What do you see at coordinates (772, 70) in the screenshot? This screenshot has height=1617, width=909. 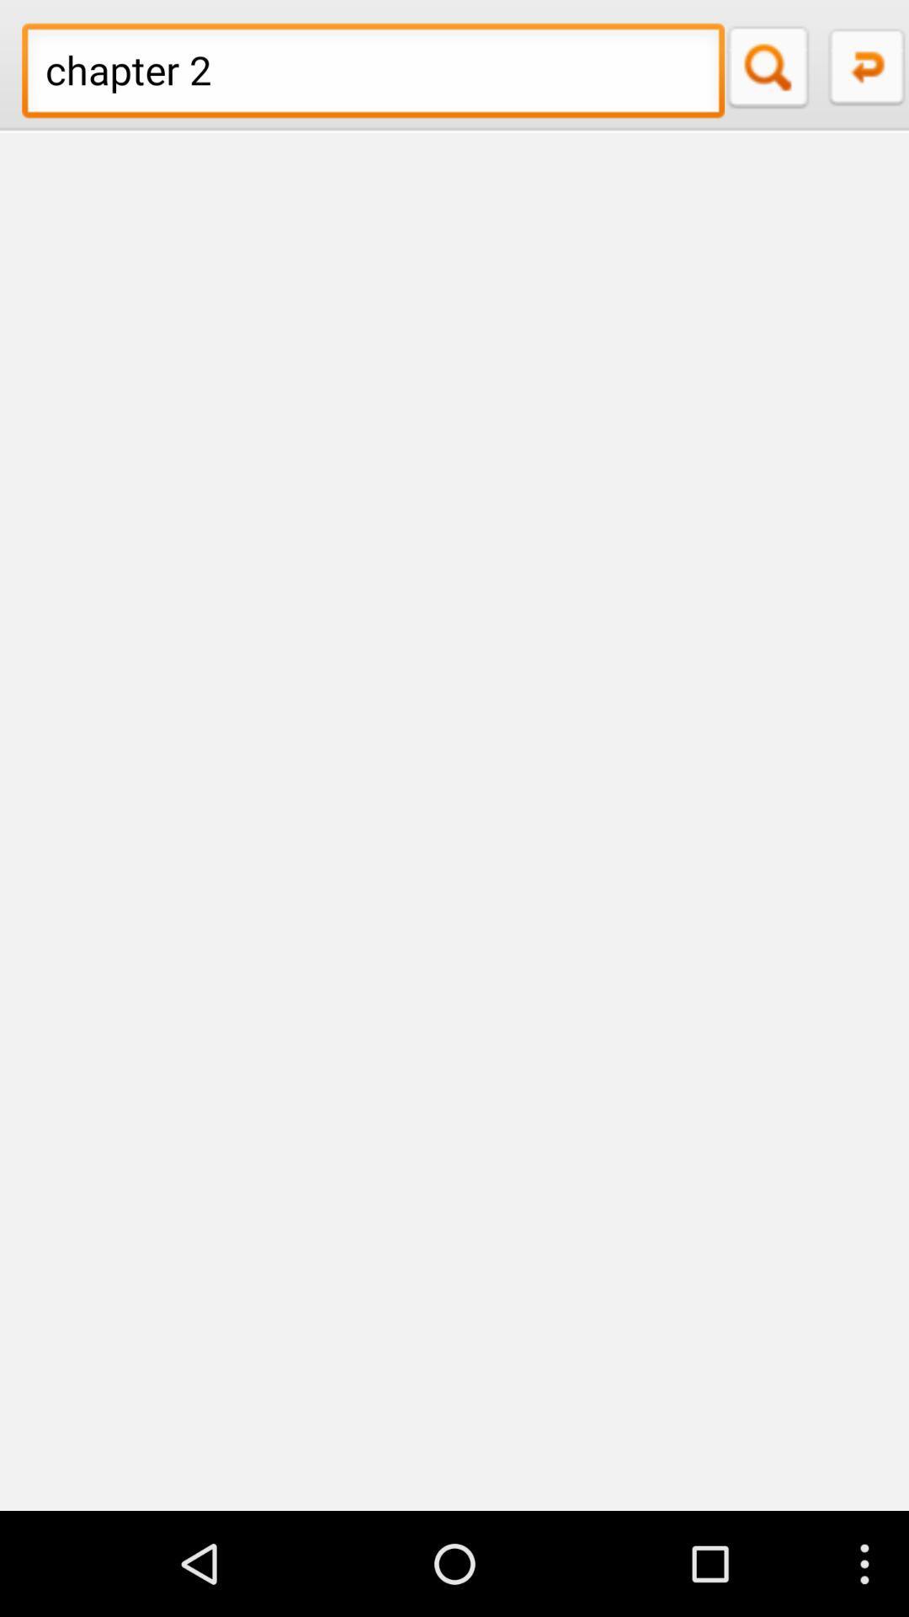 I see `the search icon` at bounding box center [772, 70].